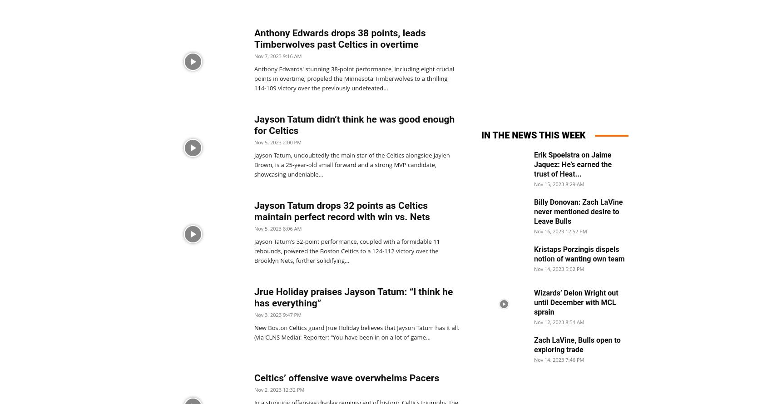  I want to click on 'Nov 14, 2023 5:02 PM', so click(534, 268).